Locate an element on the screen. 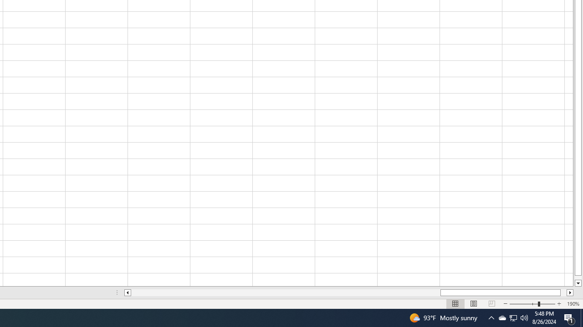  'Zoom In' is located at coordinates (558, 304).